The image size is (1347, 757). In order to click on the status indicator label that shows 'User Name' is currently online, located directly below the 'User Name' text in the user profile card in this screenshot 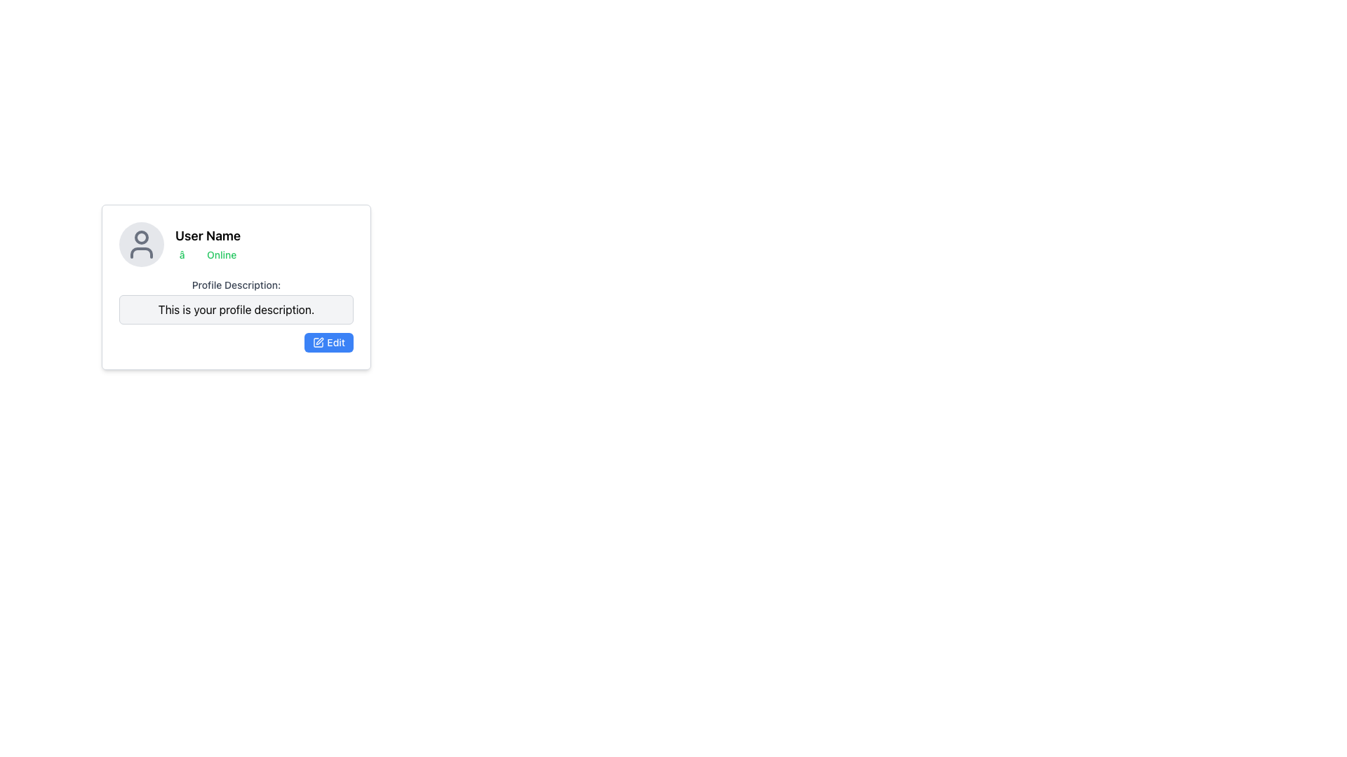, I will do `click(207, 254)`.